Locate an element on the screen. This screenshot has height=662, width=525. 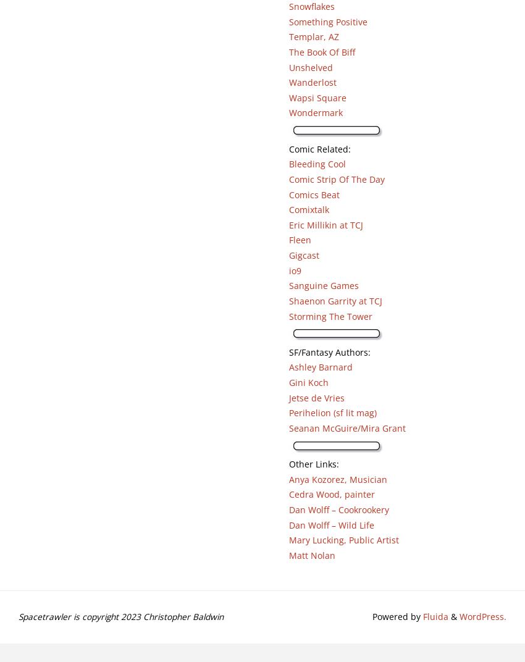
'io9' is located at coordinates (295, 269).